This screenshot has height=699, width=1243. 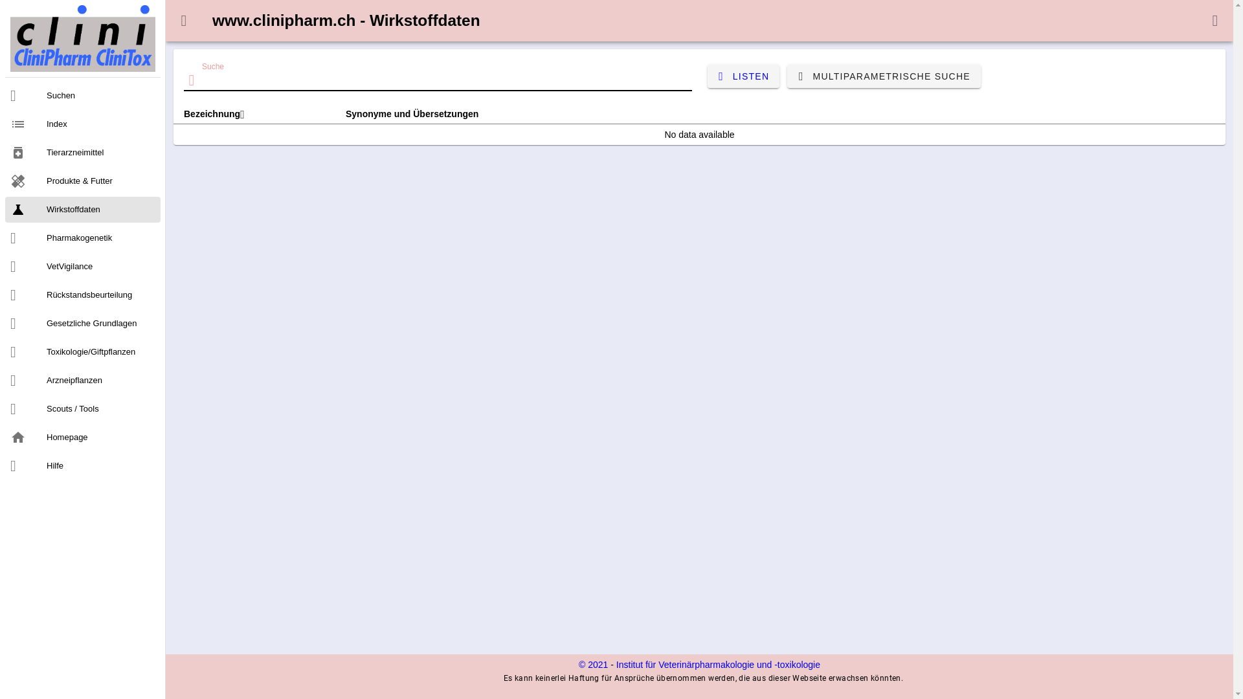 I want to click on 'Toxikologie/Giftpflanzen', so click(x=82, y=351).